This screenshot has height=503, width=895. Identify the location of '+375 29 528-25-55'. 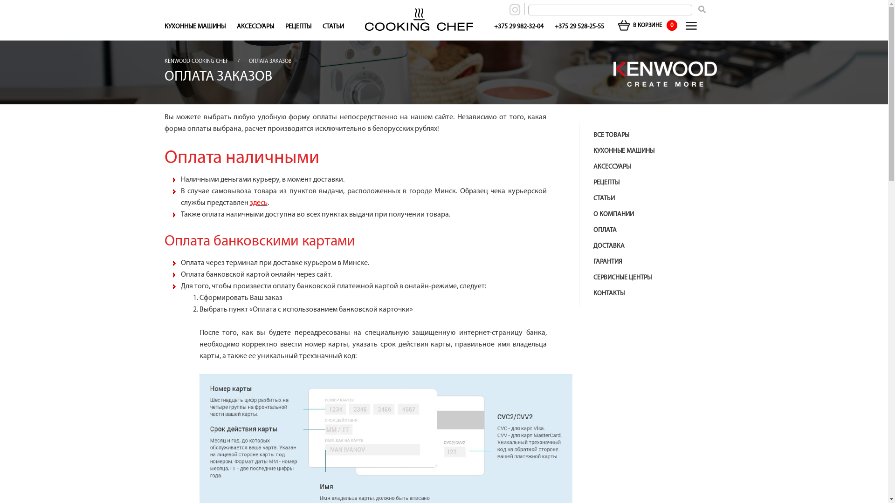
(549, 26).